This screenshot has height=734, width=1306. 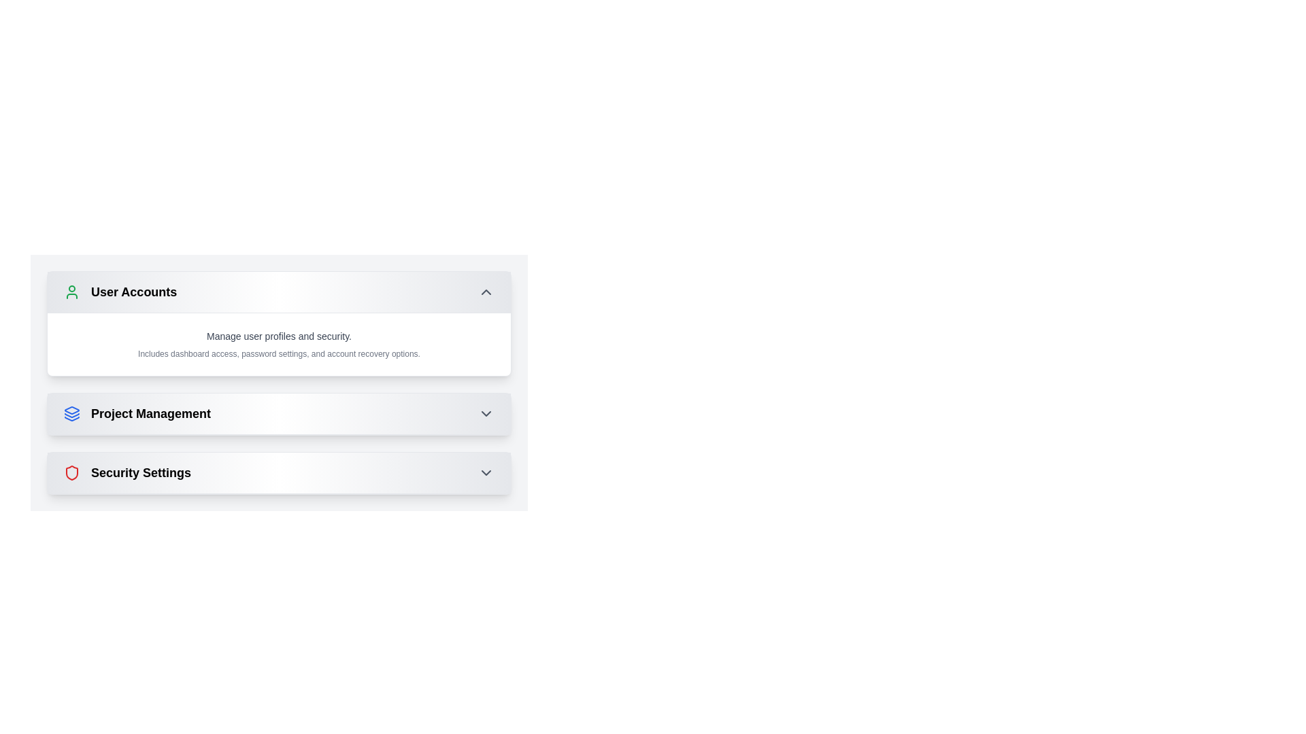 What do you see at coordinates (278, 343) in the screenshot?
I see `the descriptive UI element titled 'Manage user profiles and security.' located in the 'User Accounts' section` at bounding box center [278, 343].